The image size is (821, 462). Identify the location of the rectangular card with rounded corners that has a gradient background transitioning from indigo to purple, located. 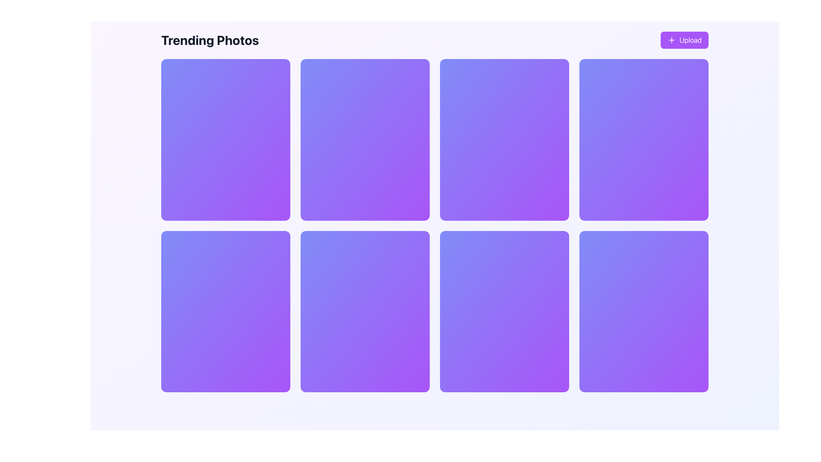
(505, 311).